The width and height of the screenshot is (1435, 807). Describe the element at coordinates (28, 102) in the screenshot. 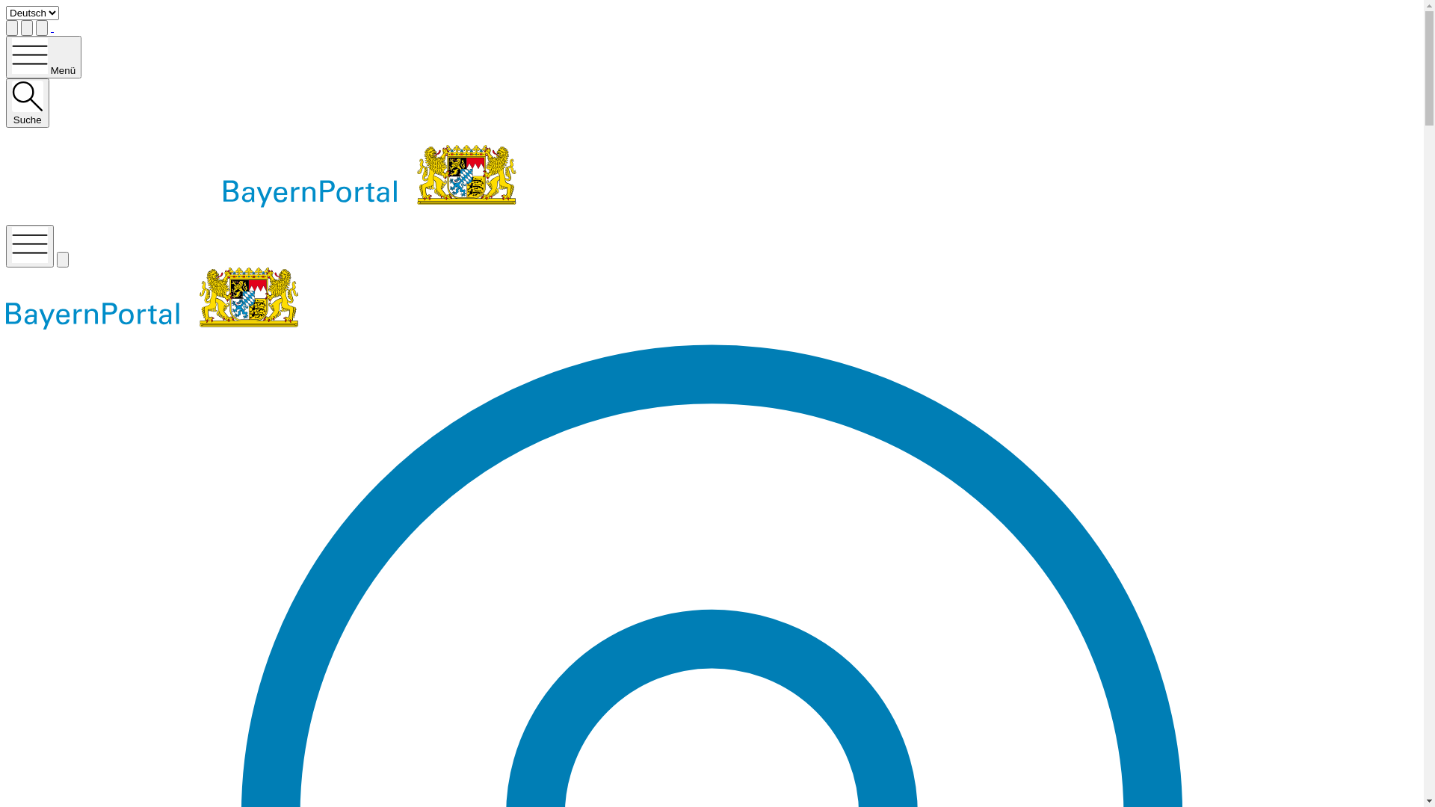

I see `'Suche'` at that location.